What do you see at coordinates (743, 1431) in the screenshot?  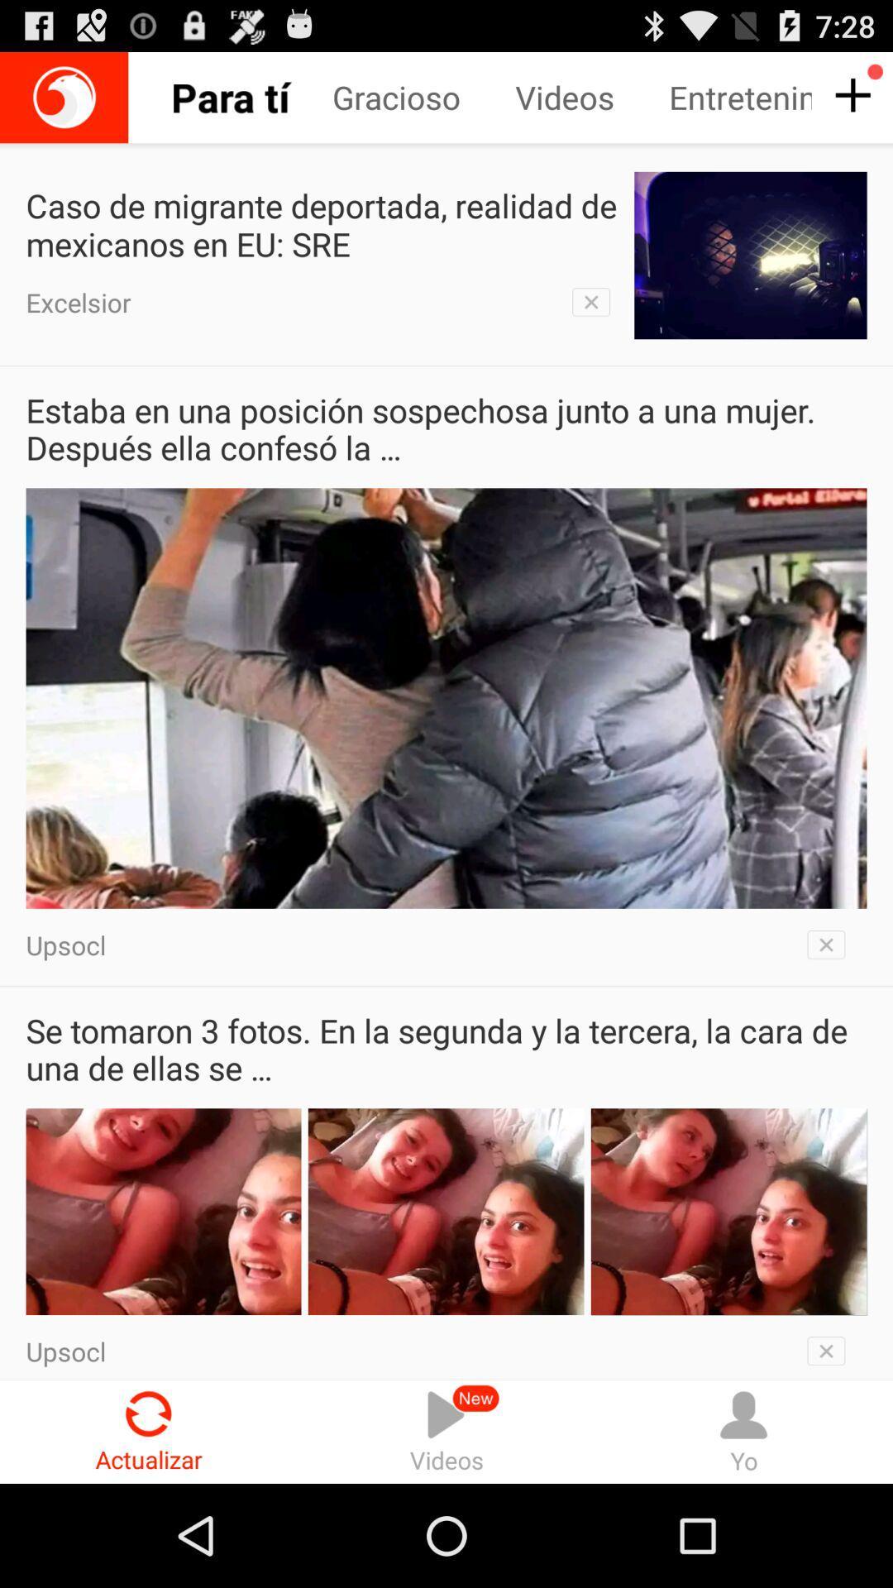 I see `the item to the right of videos item` at bounding box center [743, 1431].